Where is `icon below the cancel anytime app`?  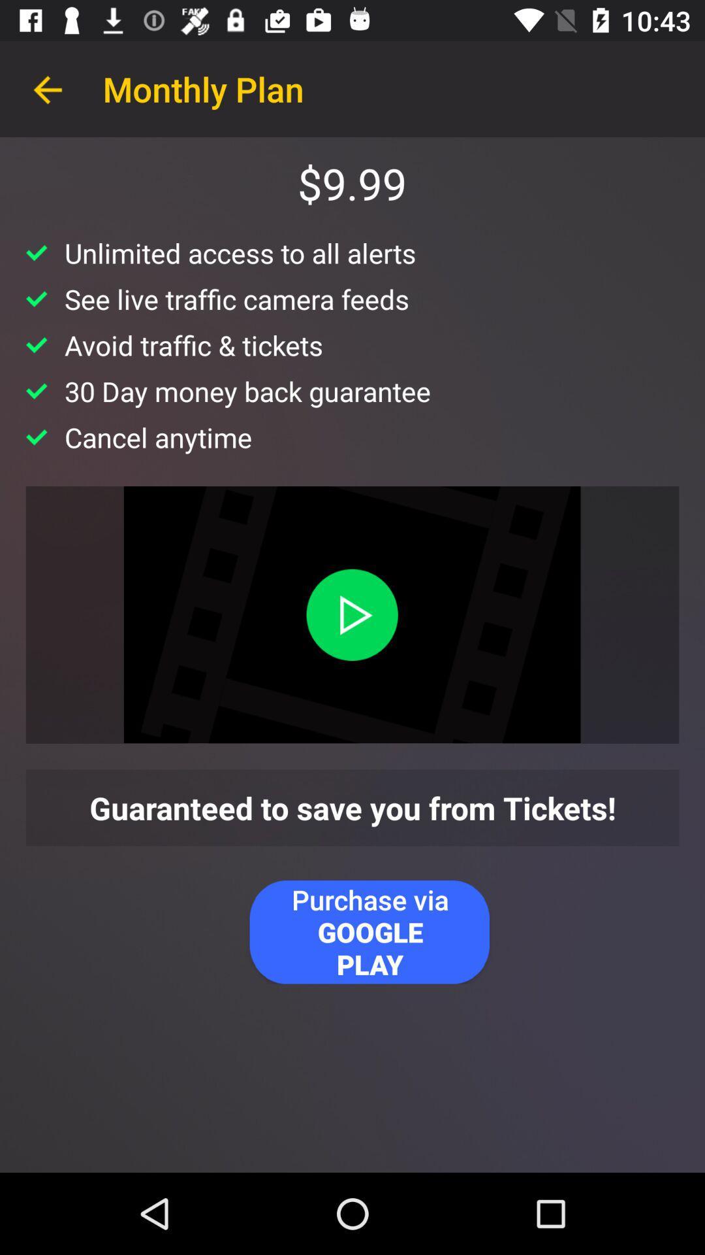 icon below the cancel anytime app is located at coordinates (351, 614).